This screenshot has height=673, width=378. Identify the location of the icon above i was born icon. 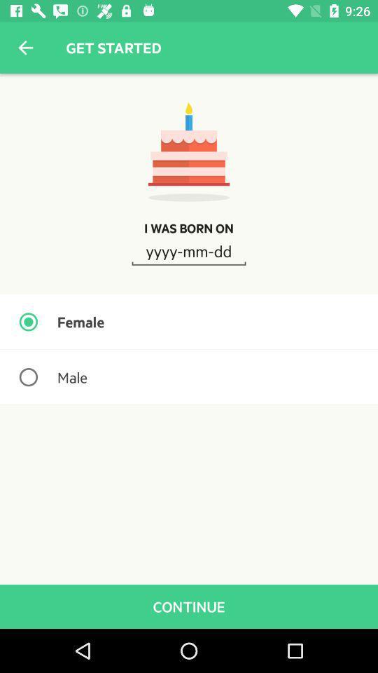
(25, 48).